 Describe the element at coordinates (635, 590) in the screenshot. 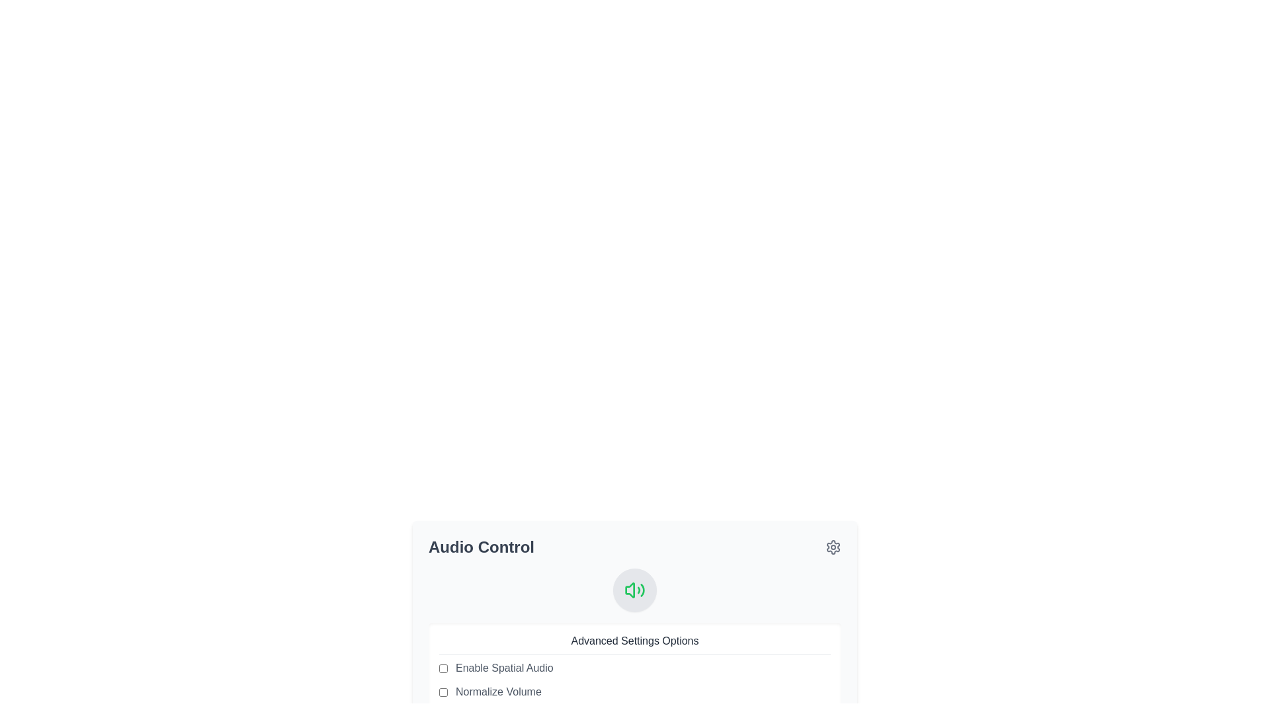

I see `the audio settings icon located within the circular button in the 'Audio Control' section, positioned above the 'Advanced Settings Options' label` at that location.